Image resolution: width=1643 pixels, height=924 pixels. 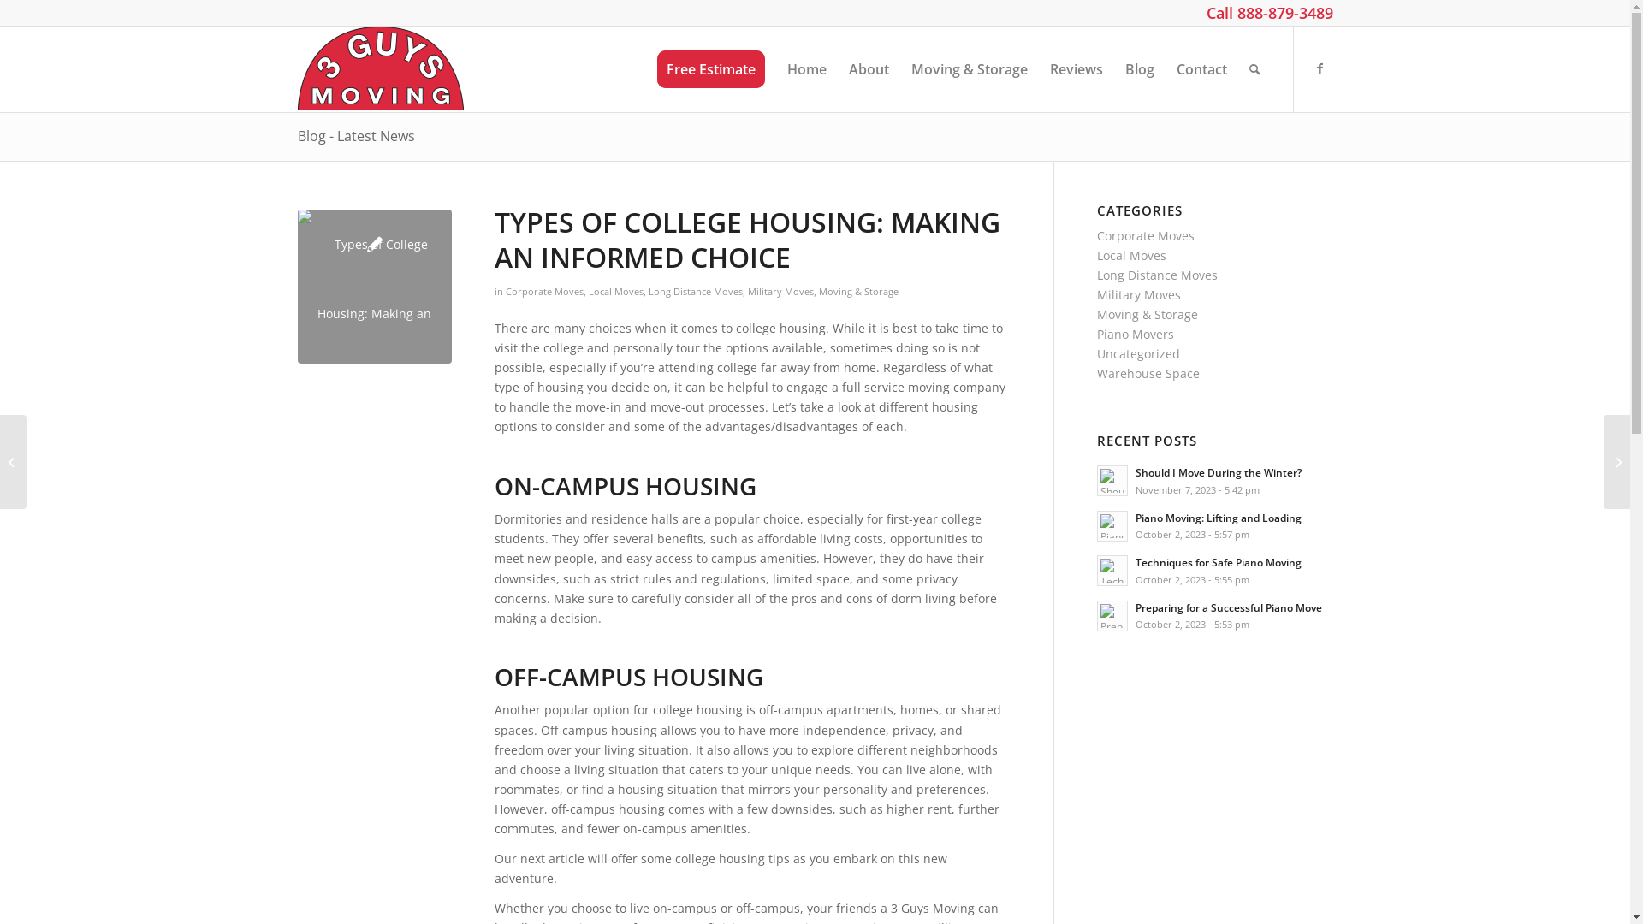 I want to click on 'Moving & Storage', so click(x=969, y=68).